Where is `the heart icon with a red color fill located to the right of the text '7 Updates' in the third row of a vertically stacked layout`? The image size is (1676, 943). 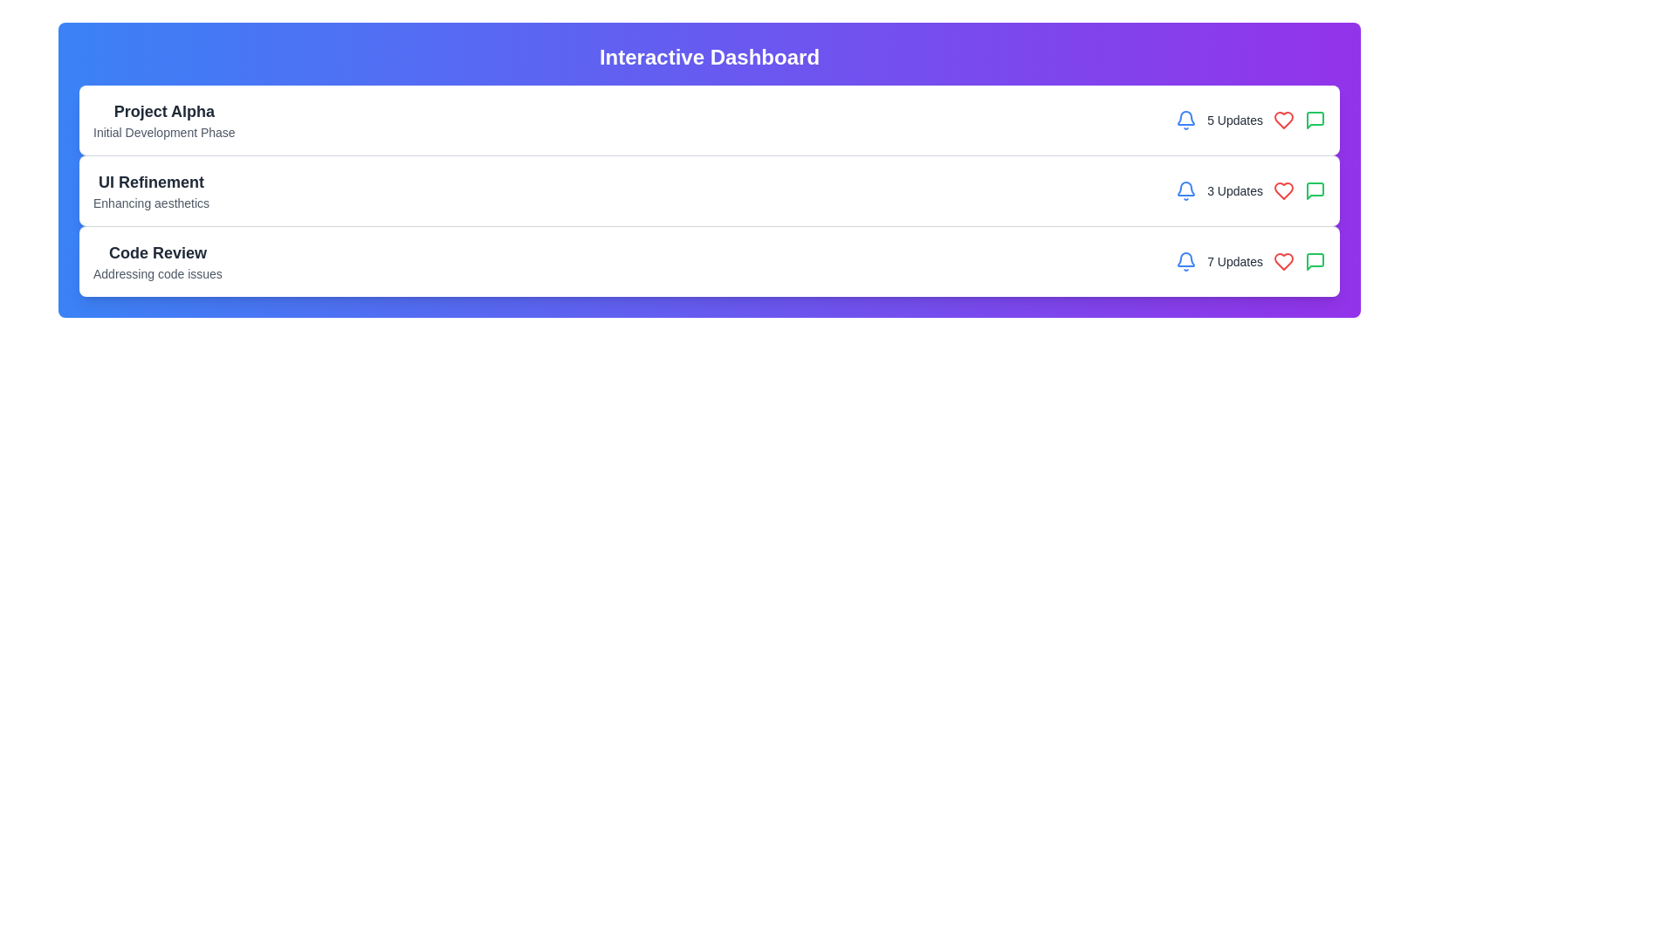
the heart icon with a red color fill located to the right of the text '7 Updates' in the third row of a vertically stacked layout is located at coordinates (1283, 262).